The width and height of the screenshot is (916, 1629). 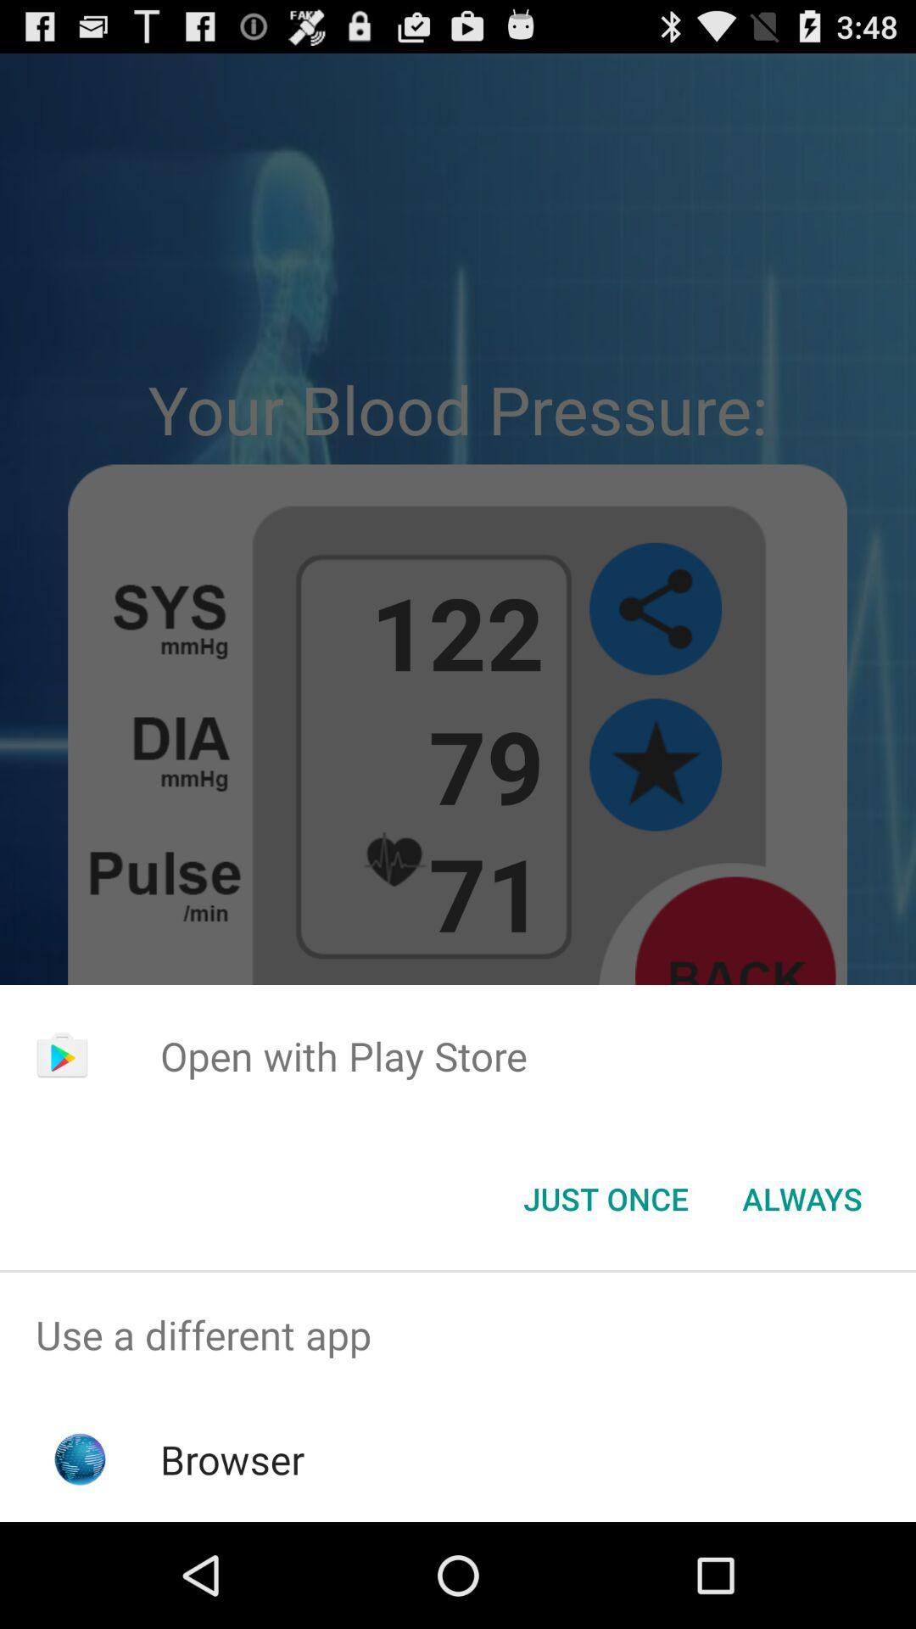 What do you see at coordinates (605, 1197) in the screenshot?
I see `the icon below the open with play app` at bounding box center [605, 1197].